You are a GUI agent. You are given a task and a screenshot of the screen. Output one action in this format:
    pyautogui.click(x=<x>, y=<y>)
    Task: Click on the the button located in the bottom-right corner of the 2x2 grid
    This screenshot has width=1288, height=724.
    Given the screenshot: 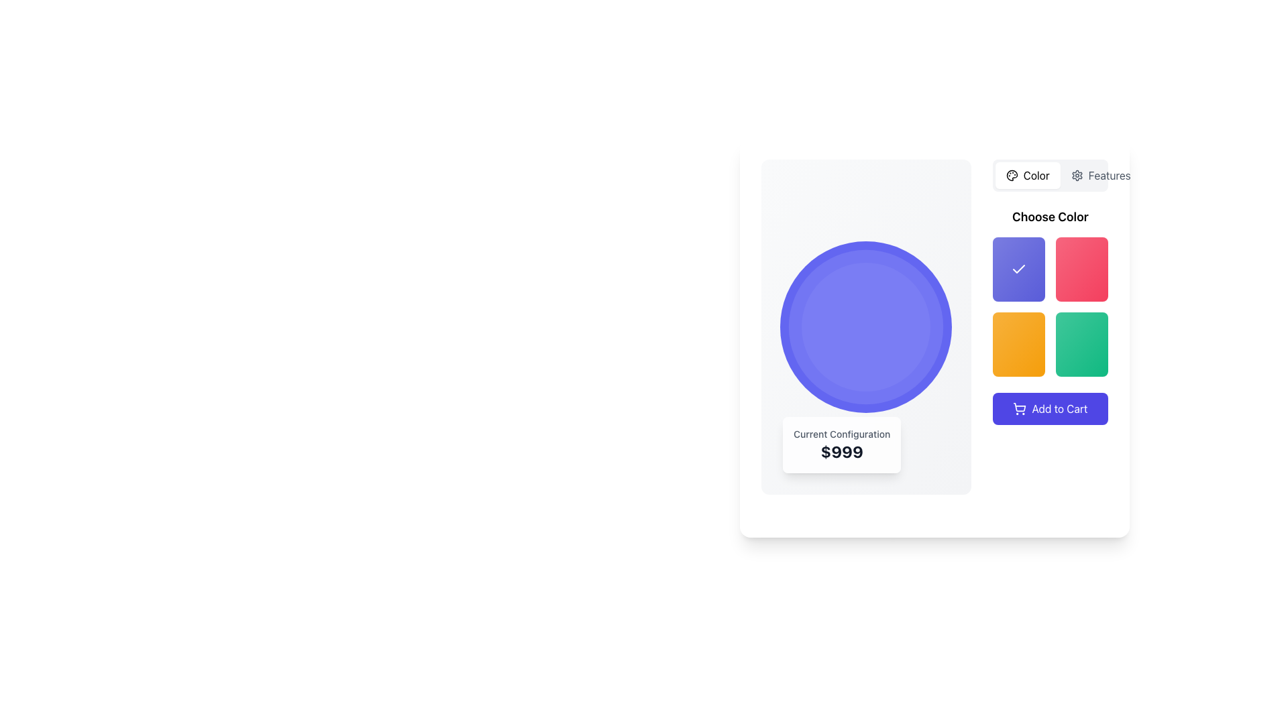 What is the action you would take?
    pyautogui.click(x=1081, y=343)
    